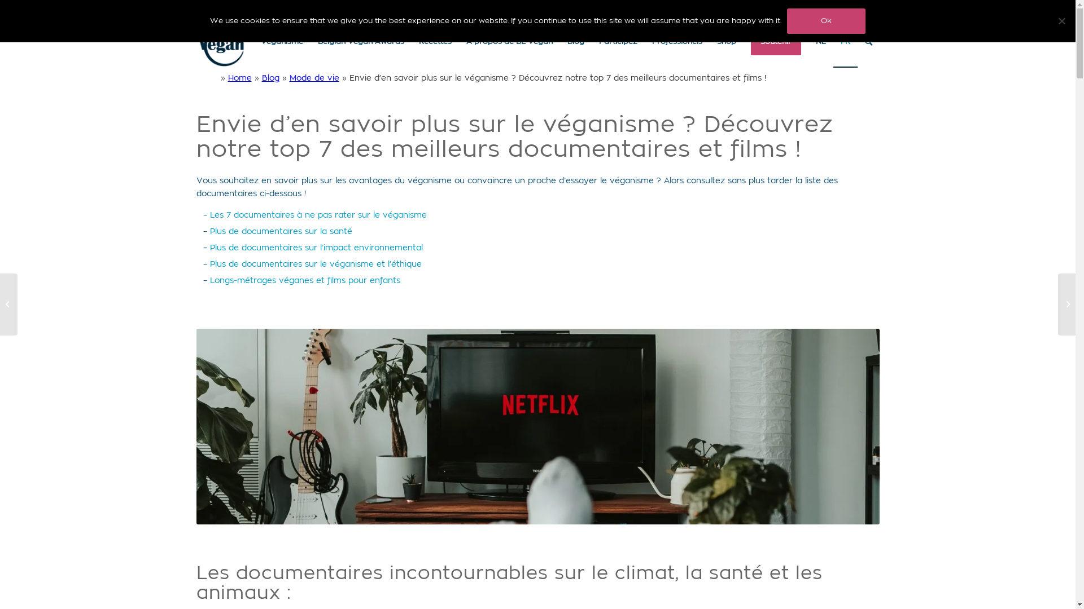  I want to click on 'Shop', so click(709, 41).